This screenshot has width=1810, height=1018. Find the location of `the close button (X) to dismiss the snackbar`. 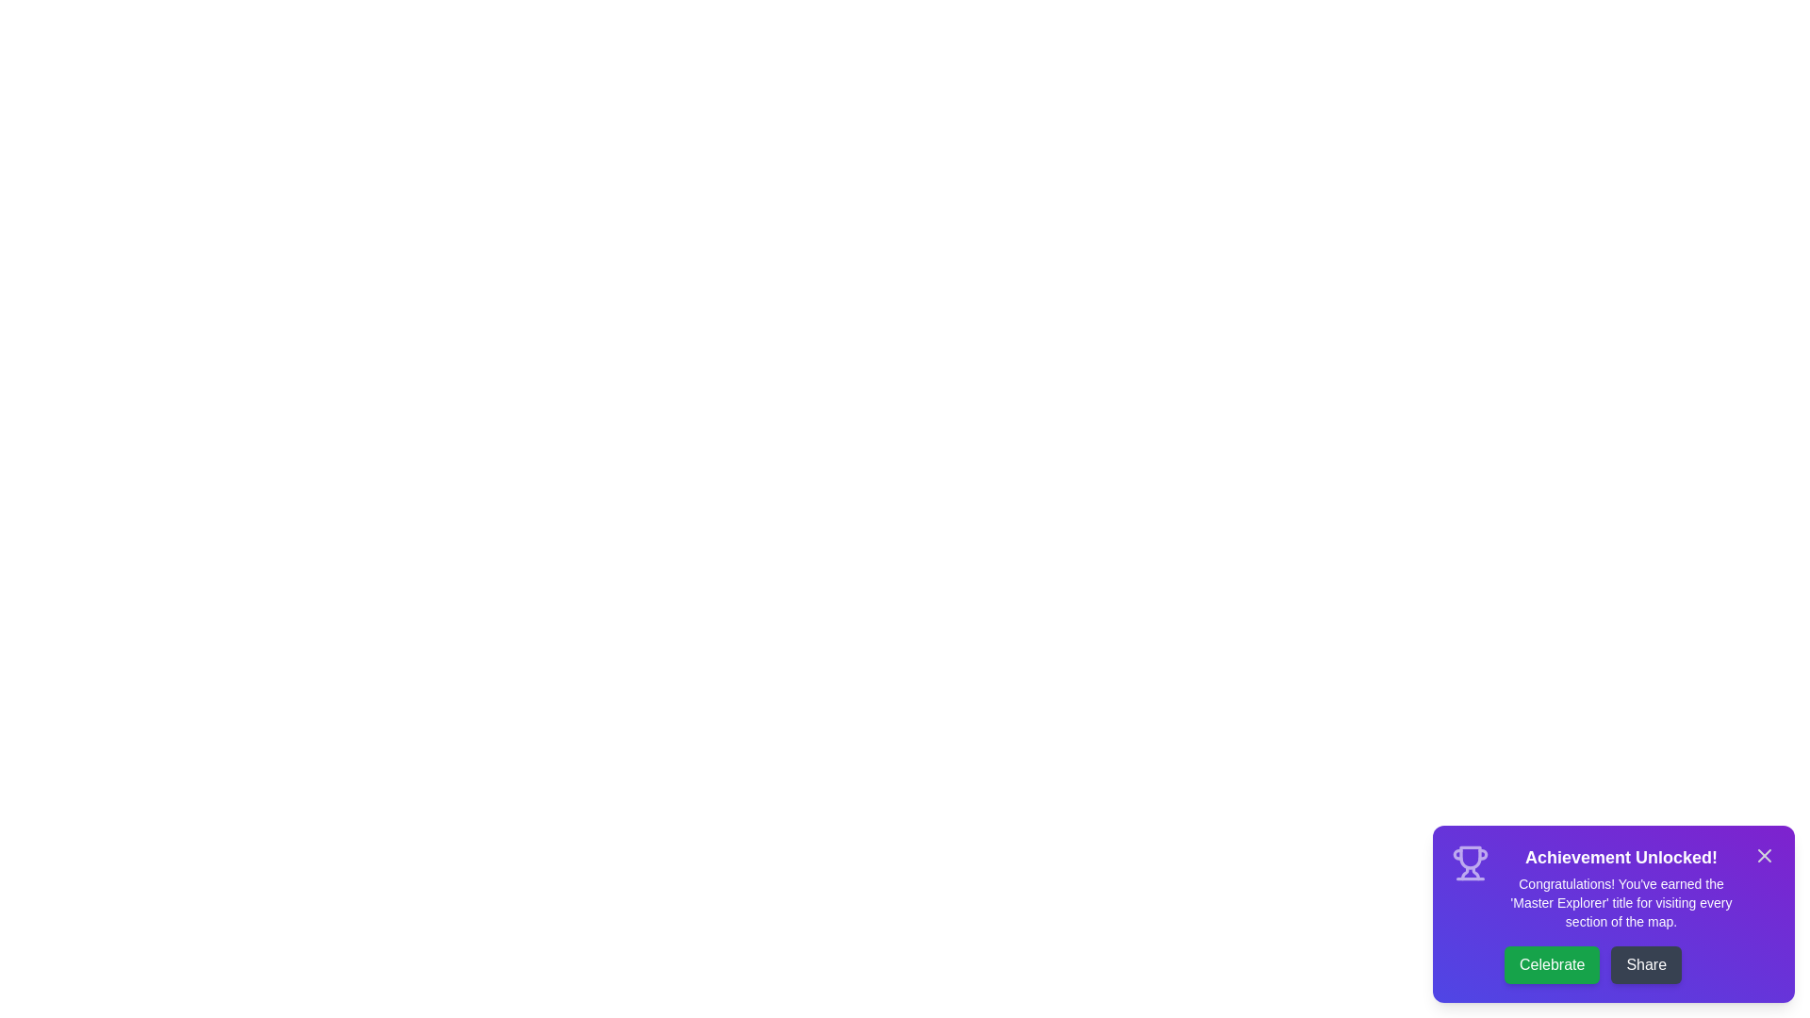

the close button (X) to dismiss the snackbar is located at coordinates (1764, 855).